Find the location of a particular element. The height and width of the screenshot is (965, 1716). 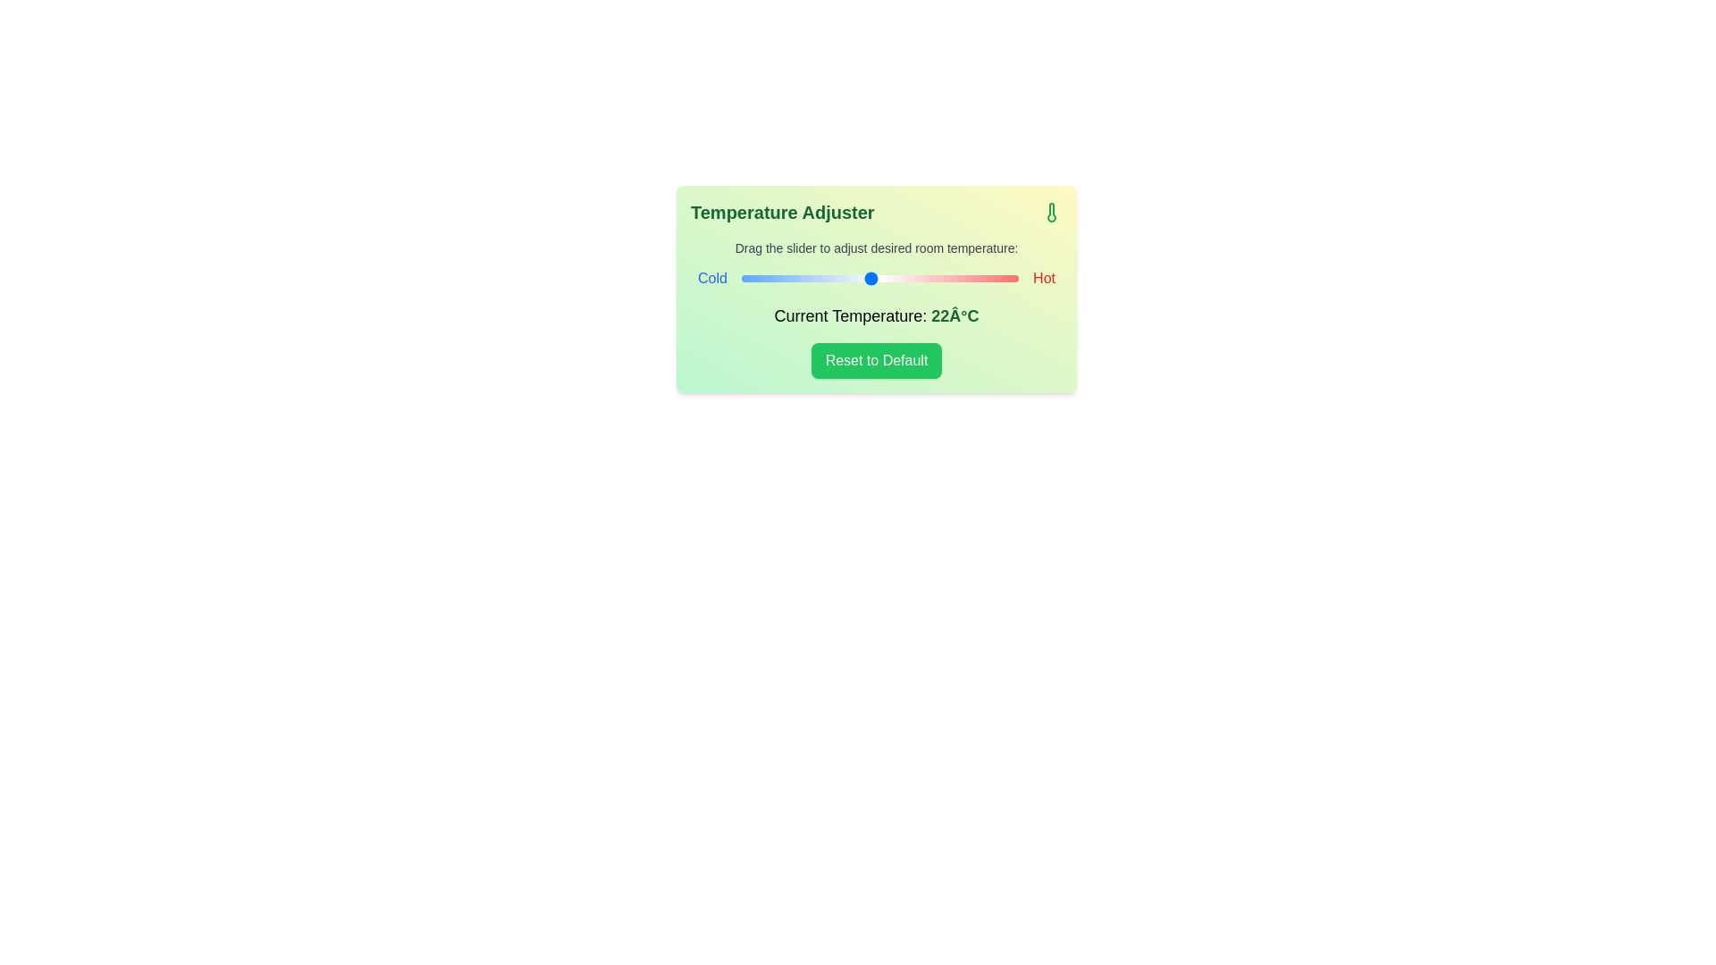

the 'Reset to Default' button is located at coordinates (875, 361).